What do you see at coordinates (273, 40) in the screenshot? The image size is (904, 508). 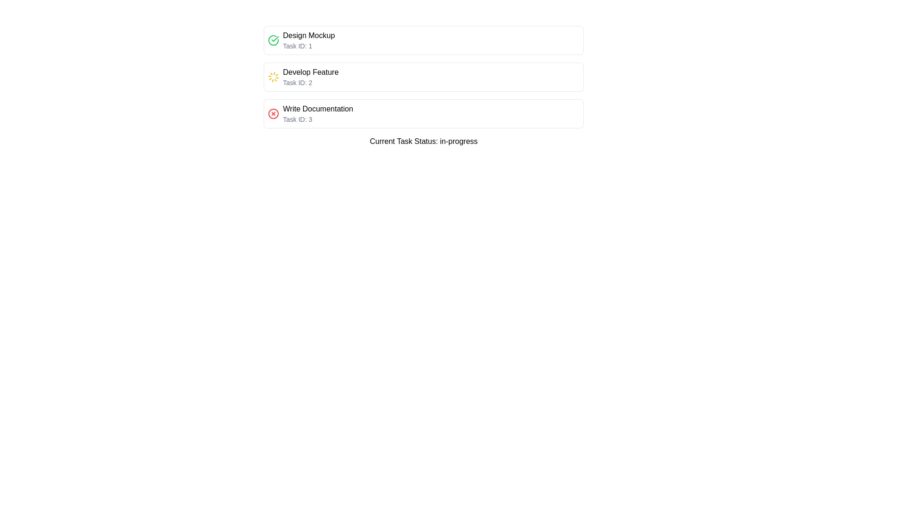 I see `the green circular icon with a checkmark inside, which indicates the status of the completed task in the 'Design Mockup Task ID: 1' section` at bounding box center [273, 40].